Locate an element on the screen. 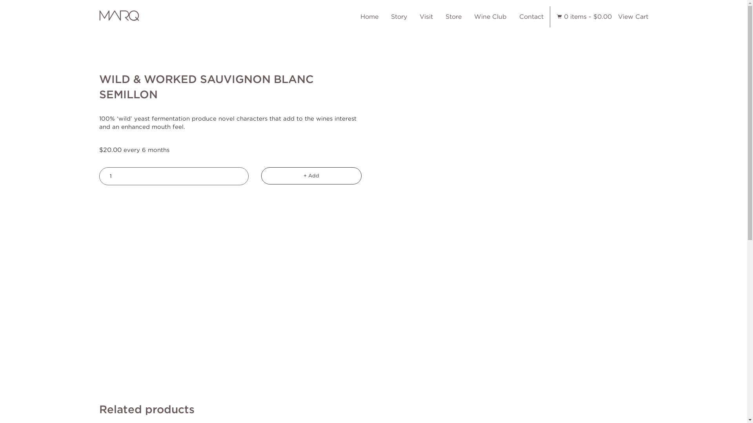 The height and width of the screenshot is (423, 753). 'Store' is located at coordinates (453, 16).